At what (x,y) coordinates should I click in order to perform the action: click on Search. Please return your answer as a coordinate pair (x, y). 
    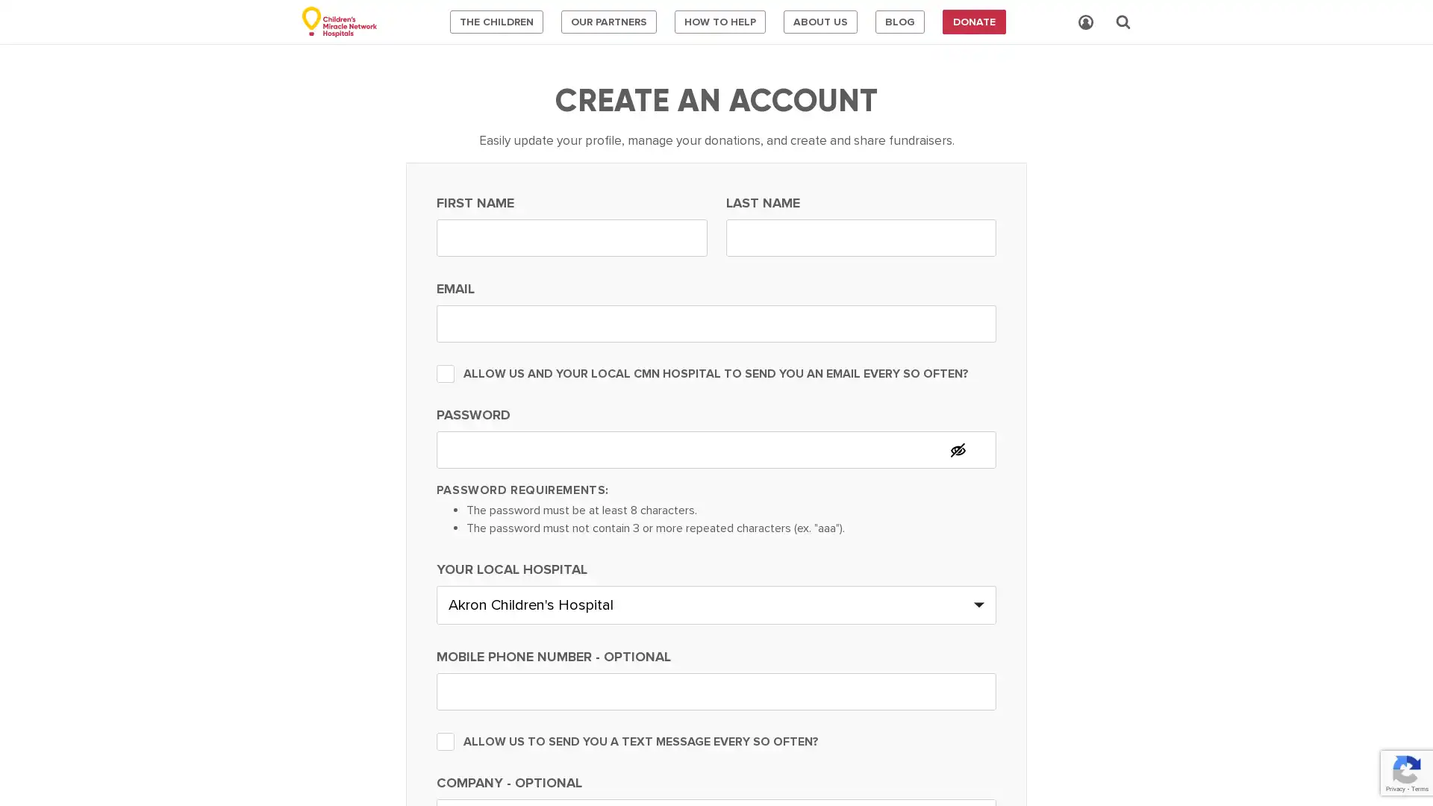
    Looking at the image, I should click on (1123, 22).